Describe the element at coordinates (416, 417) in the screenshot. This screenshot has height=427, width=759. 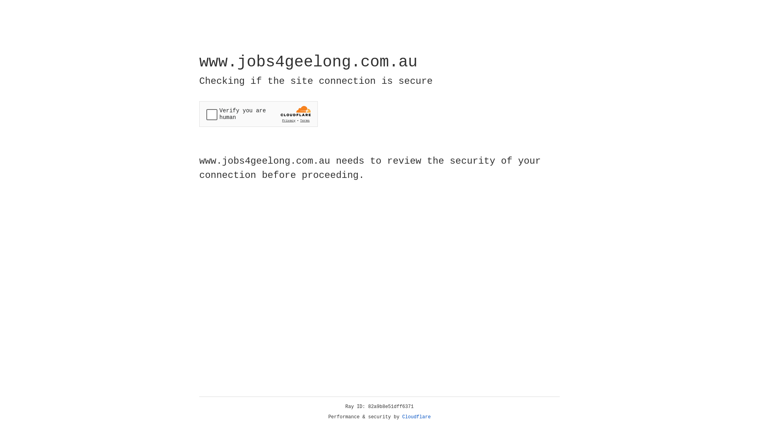
I see `'Cloudflare'` at that location.